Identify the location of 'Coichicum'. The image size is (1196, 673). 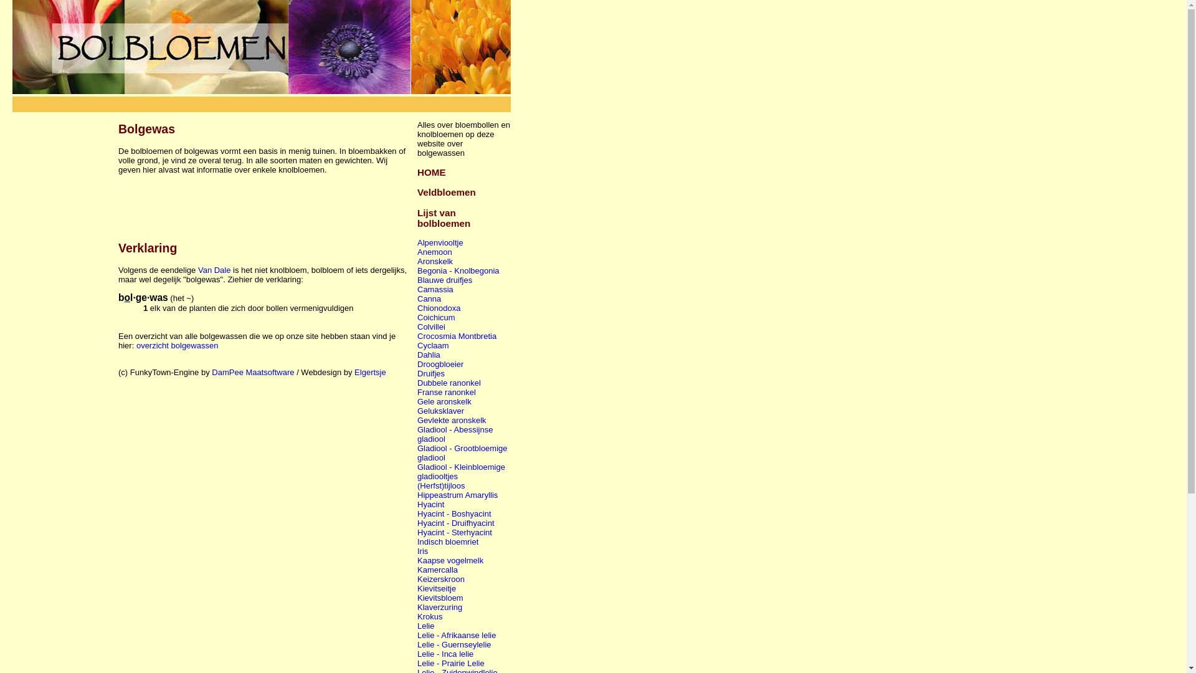
(436, 317).